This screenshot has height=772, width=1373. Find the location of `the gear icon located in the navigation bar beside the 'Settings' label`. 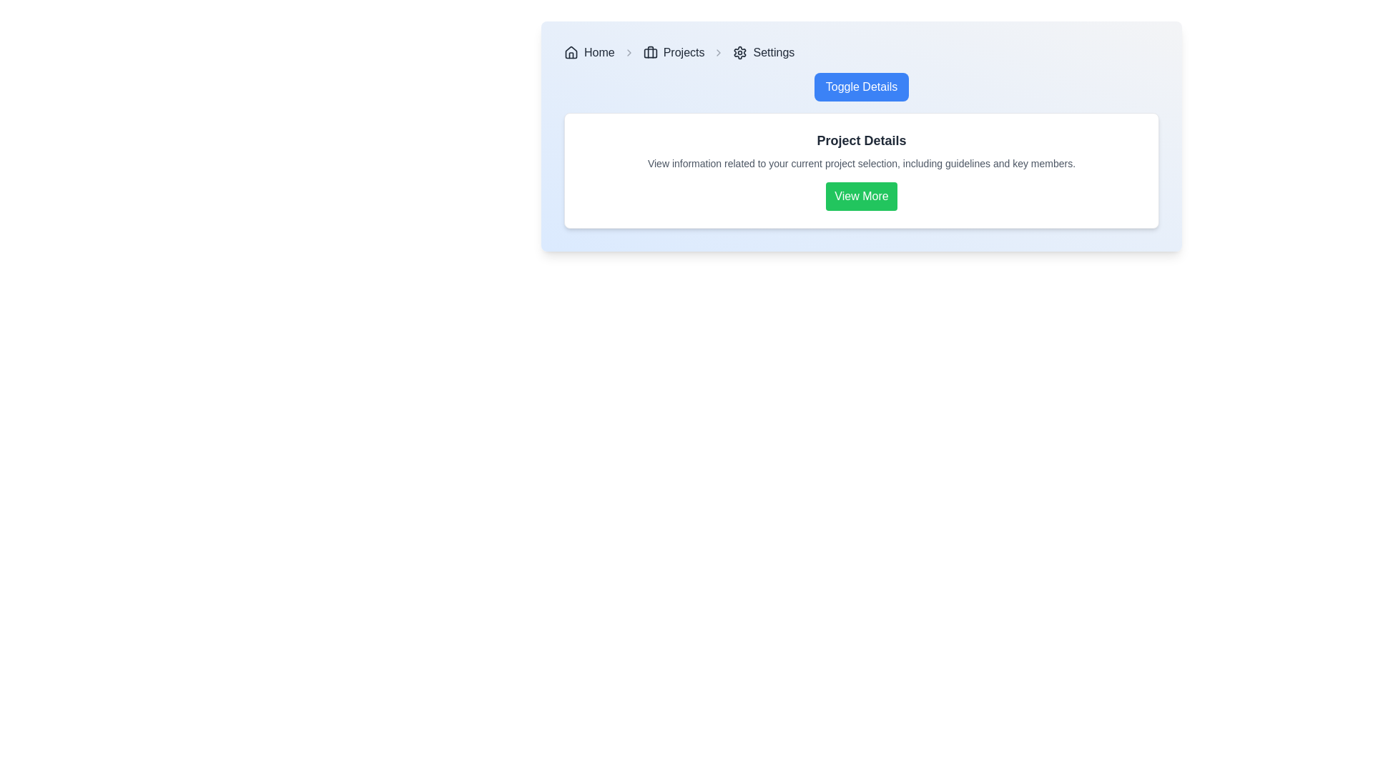

the gear icon located in the navigation bar beside the 'Settings' label is located at coordinates (740, 51).